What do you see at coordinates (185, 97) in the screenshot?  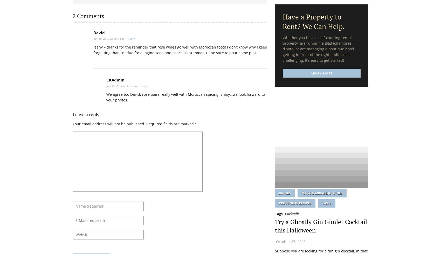 I see `'We agree too David, rosé pairs really well with Moroccan spicing. Enjoy…we look forward to your photos.'` at bounding box center [185, 97].